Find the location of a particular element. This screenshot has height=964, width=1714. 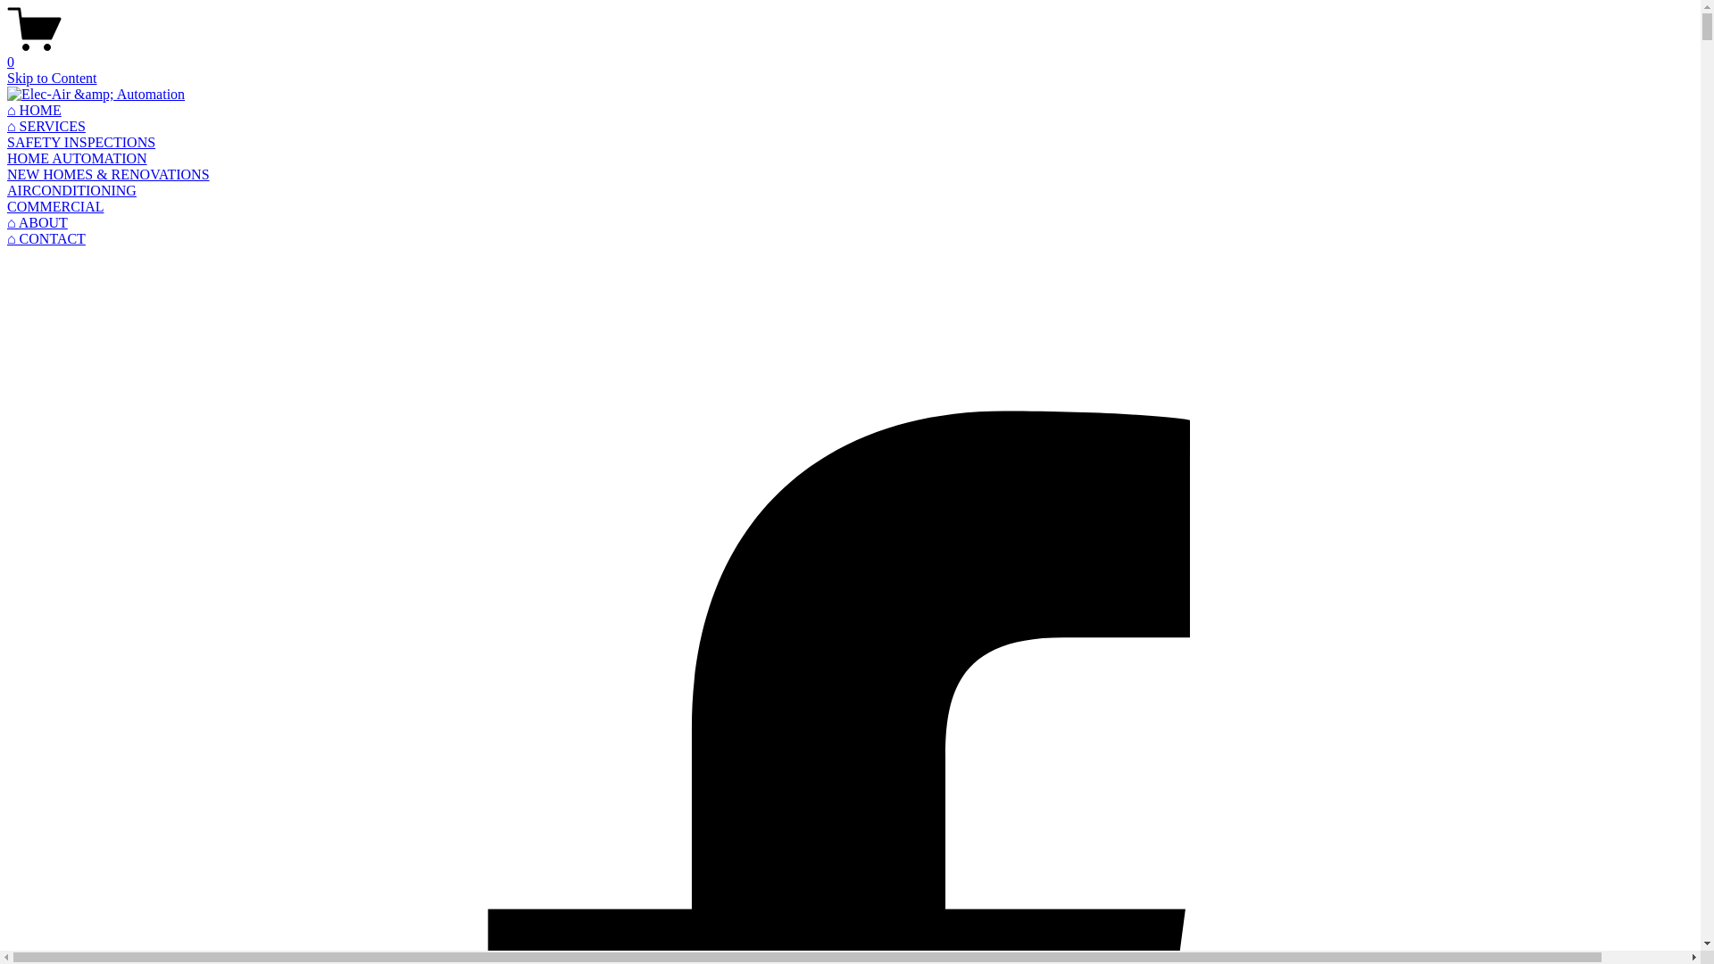

'0' is located at coordinates (849, 54).